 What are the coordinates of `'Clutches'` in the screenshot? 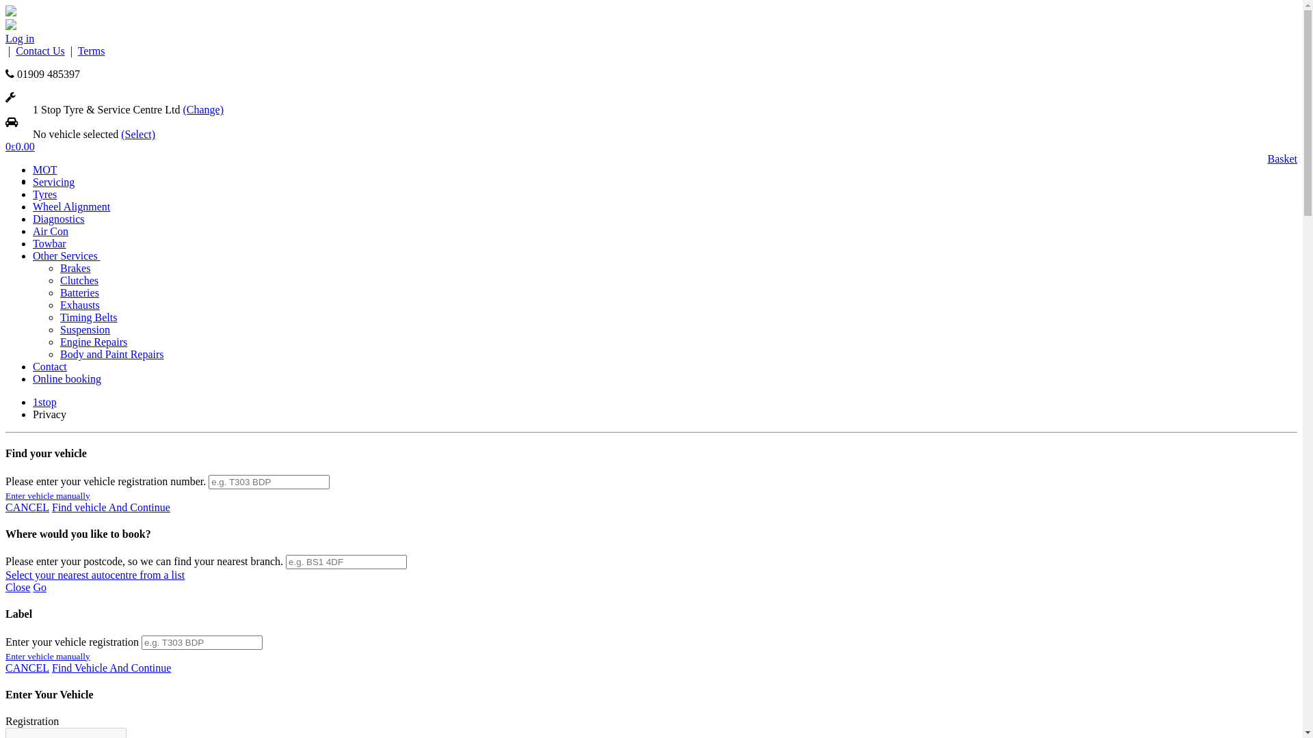 It's located at (78, 279).